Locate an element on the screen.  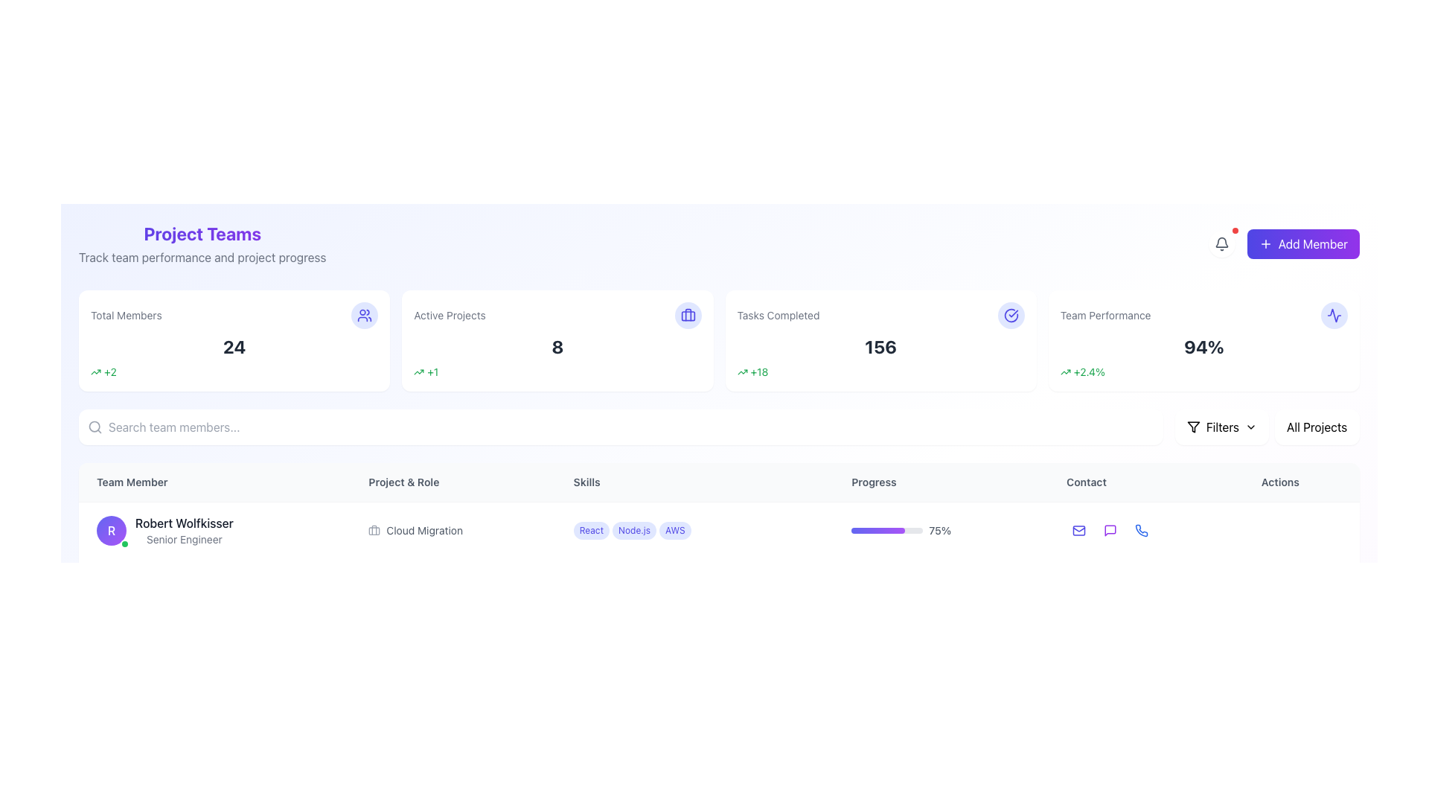
the 'Call' button located under the 'Contact' column in the 'Team Member' table to initiate a phone call is located at coordinates (1141, 642).